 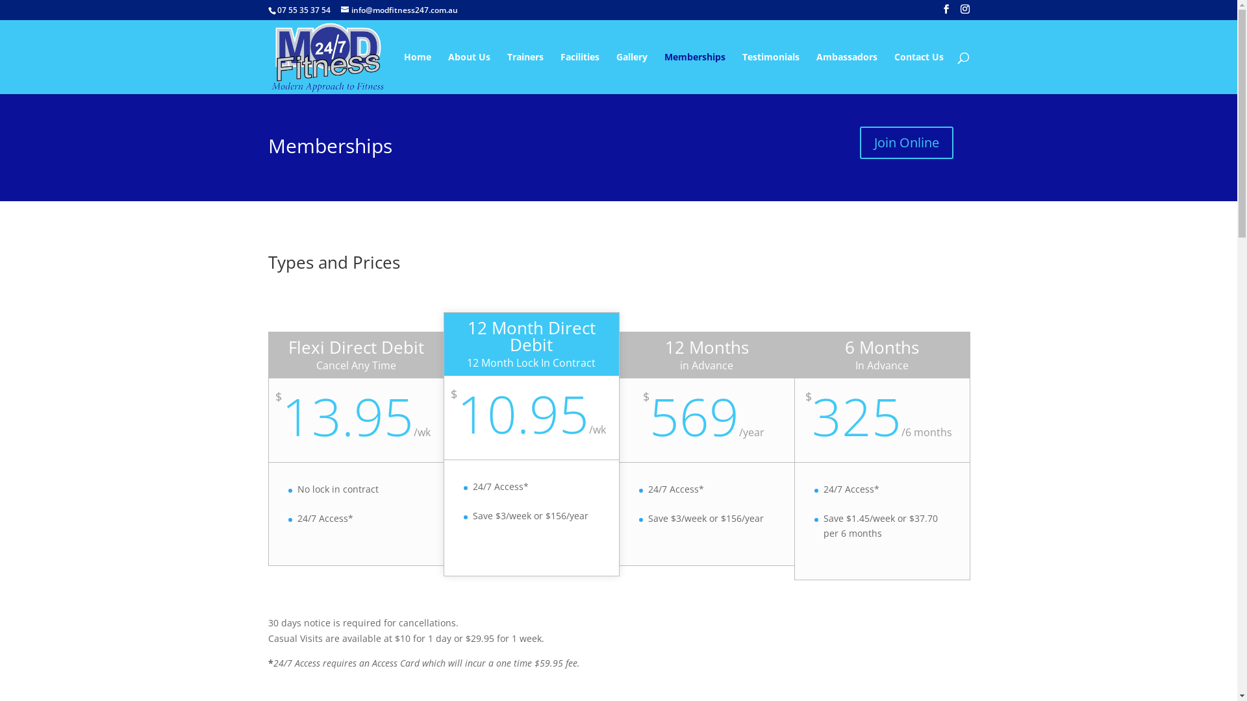 I want to click on 'Join Online', so click(x=906, y=142).